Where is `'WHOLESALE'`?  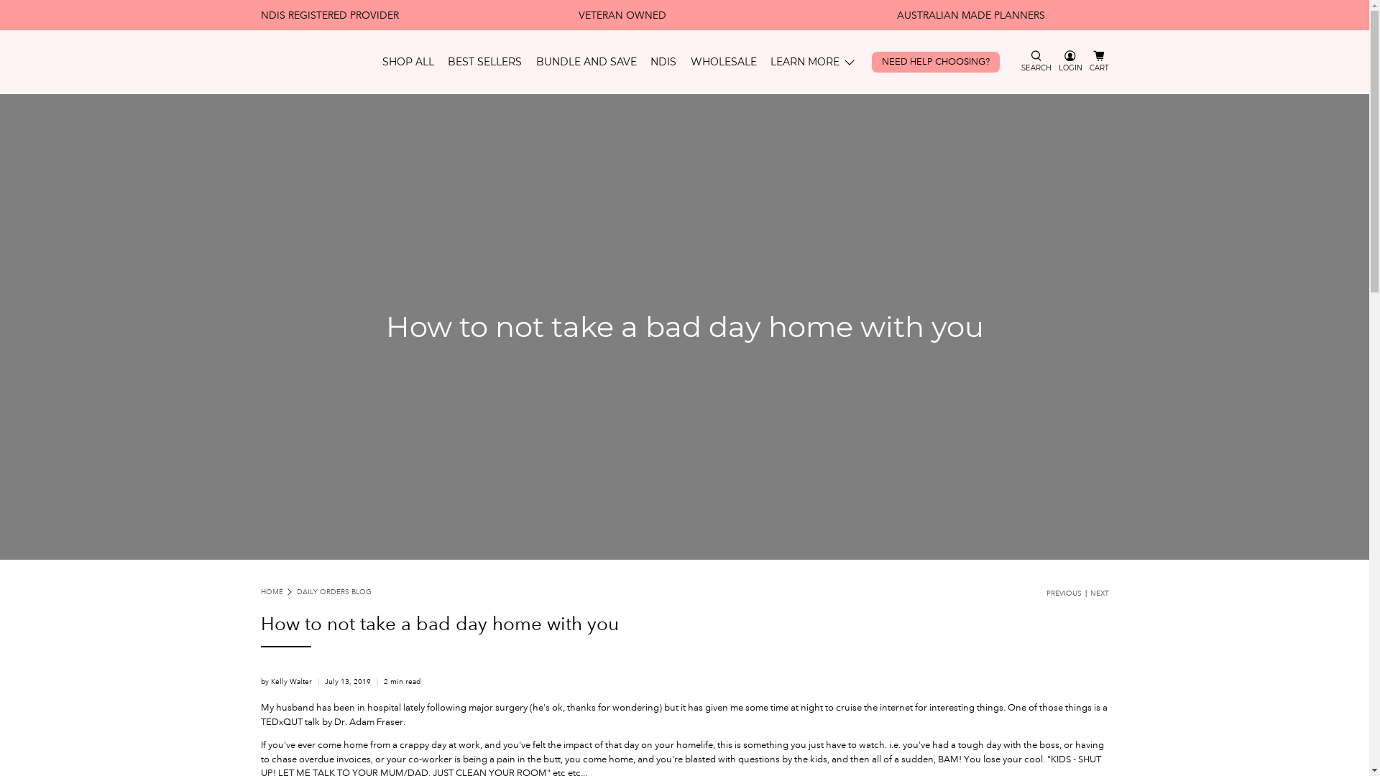 'WHOLESALE' is located at coordinates (682, 61).